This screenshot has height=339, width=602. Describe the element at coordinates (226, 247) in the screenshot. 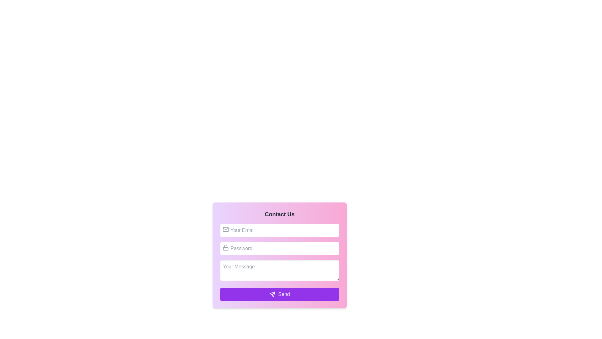

I see `the small gray lock icon located at the top-left corner of the password input field, indicating a locked state` at that location.